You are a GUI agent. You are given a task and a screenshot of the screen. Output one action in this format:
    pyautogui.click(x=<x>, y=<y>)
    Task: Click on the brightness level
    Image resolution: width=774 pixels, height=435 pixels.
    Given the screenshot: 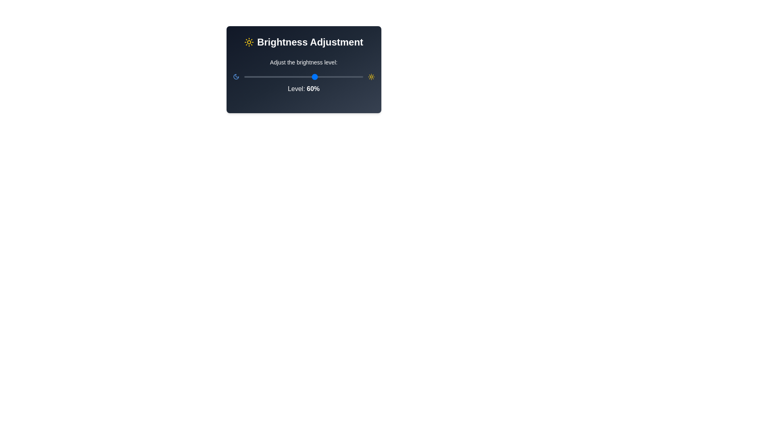 What is the action you would take?
    pyautogui.click(x=300, y=77)
    